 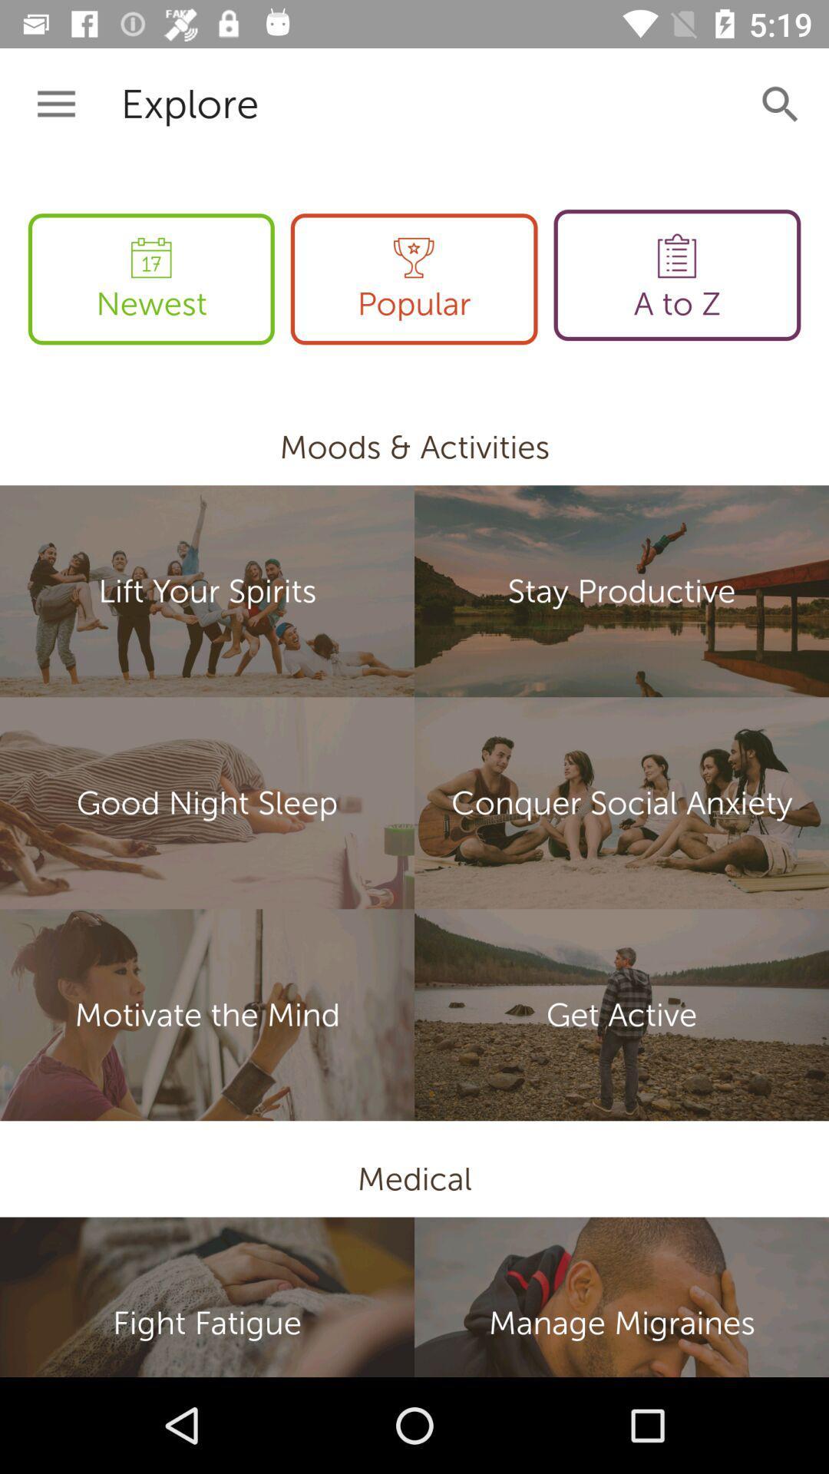 What do you see at coordinates (413, 279) in the screenshot?
I see `the icon to the right of the newest` at bounding box center [413, 279].